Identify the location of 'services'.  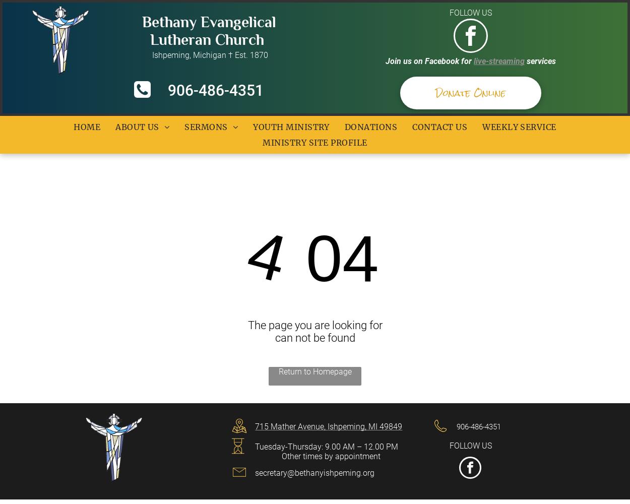
(541, 60).